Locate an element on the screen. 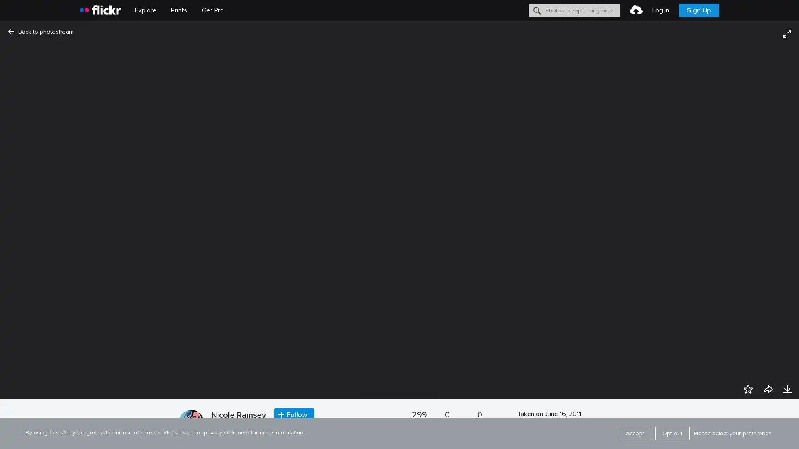 The width and height of the screenshot is (799, 449). Opt-out is located at coordinates (672, 433).